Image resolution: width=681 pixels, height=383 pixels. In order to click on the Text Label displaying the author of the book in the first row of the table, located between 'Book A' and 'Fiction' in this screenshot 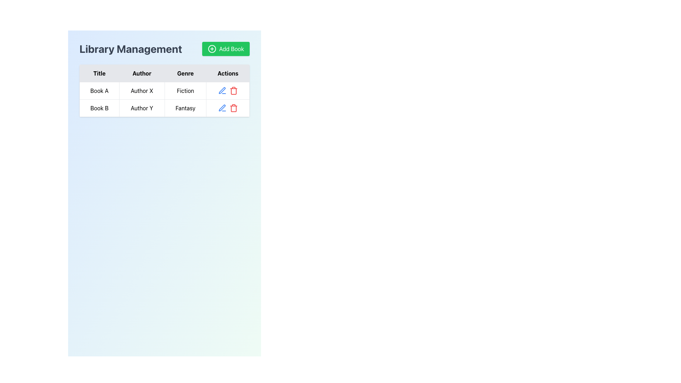, I will do `click(142, 90)`.